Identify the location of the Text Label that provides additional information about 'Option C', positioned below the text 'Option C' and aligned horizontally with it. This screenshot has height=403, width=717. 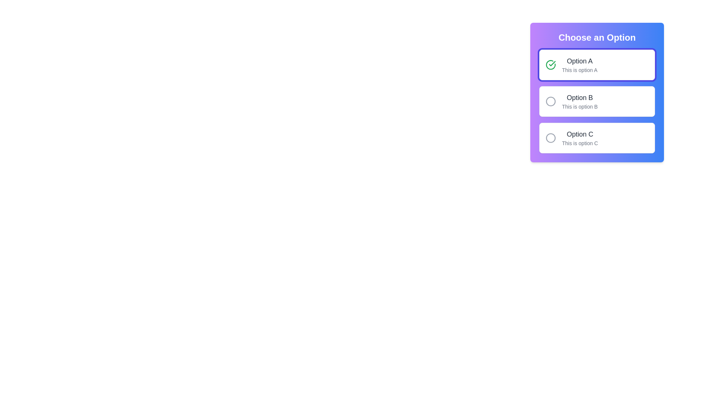
(580, 143).